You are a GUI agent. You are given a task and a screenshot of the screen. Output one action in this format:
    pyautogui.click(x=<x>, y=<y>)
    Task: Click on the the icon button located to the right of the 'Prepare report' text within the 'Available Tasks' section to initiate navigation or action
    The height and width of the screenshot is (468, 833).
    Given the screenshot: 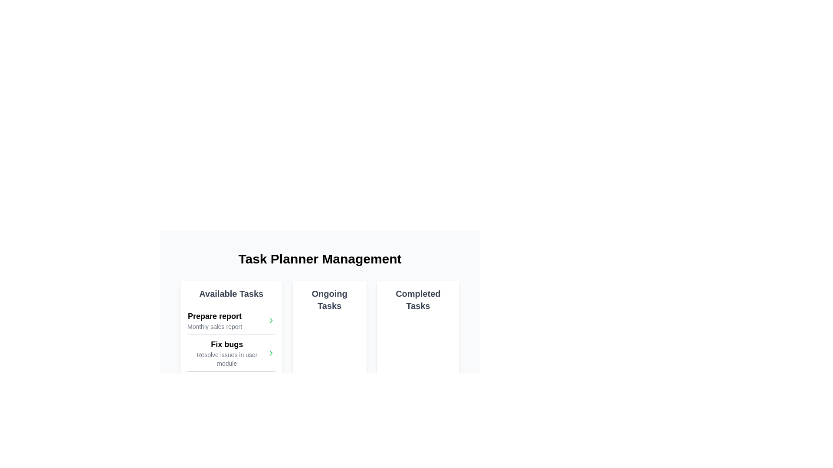 What is the action you would take?
    pyautogui.click(x=270, y=321)
    